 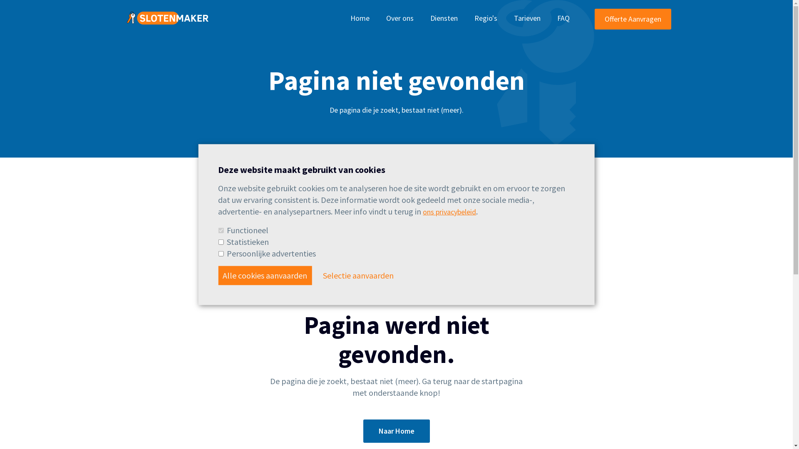 I want to click on 'Offerte Aanvragen', so click(x=594, y=19).